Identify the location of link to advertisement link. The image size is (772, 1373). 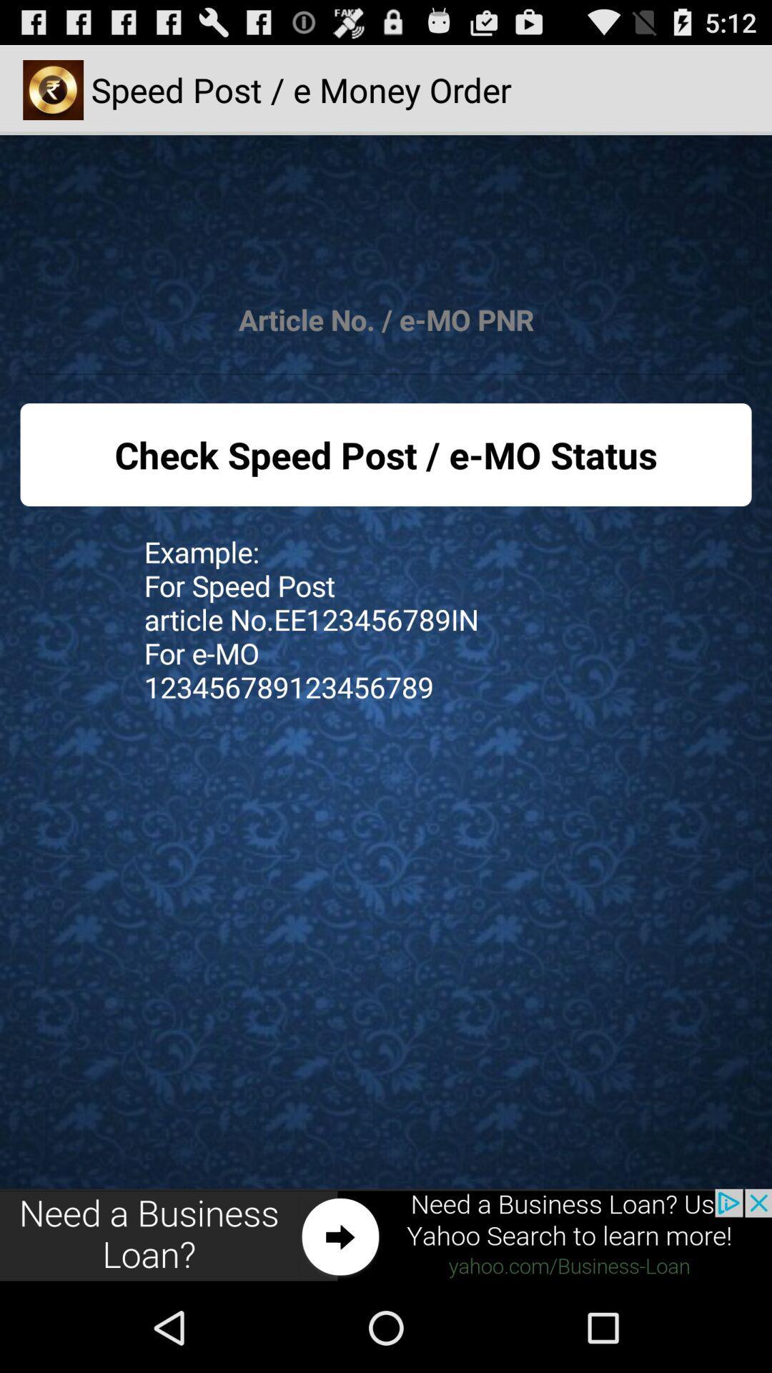
(386, 1235).